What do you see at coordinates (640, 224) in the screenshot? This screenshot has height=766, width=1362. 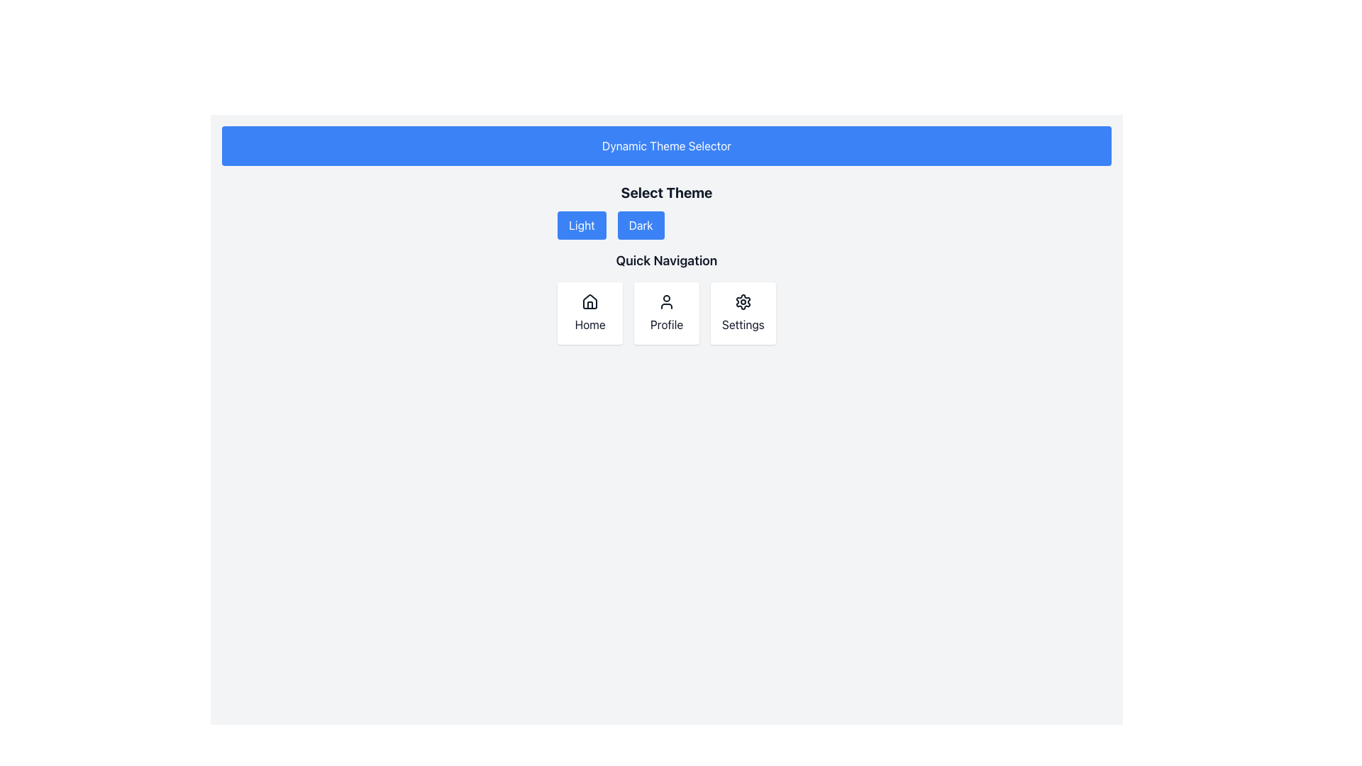 I see `the 'Dark' button, which is a medium-sized rectangular button with white text on a blue background` at bounding box center [640, 224].